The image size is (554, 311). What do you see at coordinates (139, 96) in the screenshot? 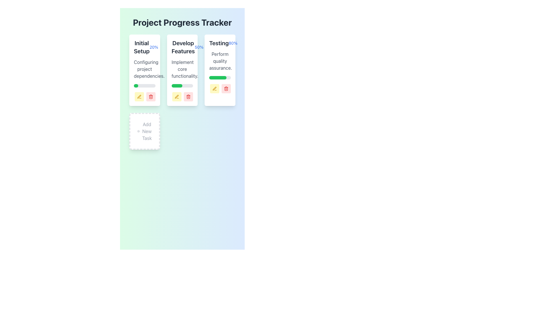
I see `the small, rounded rectangular yellow button with a pen icon to initiate editing, located at the bottom-right corner of the 'Initial Setup' card` at bounding box center [139, 96].